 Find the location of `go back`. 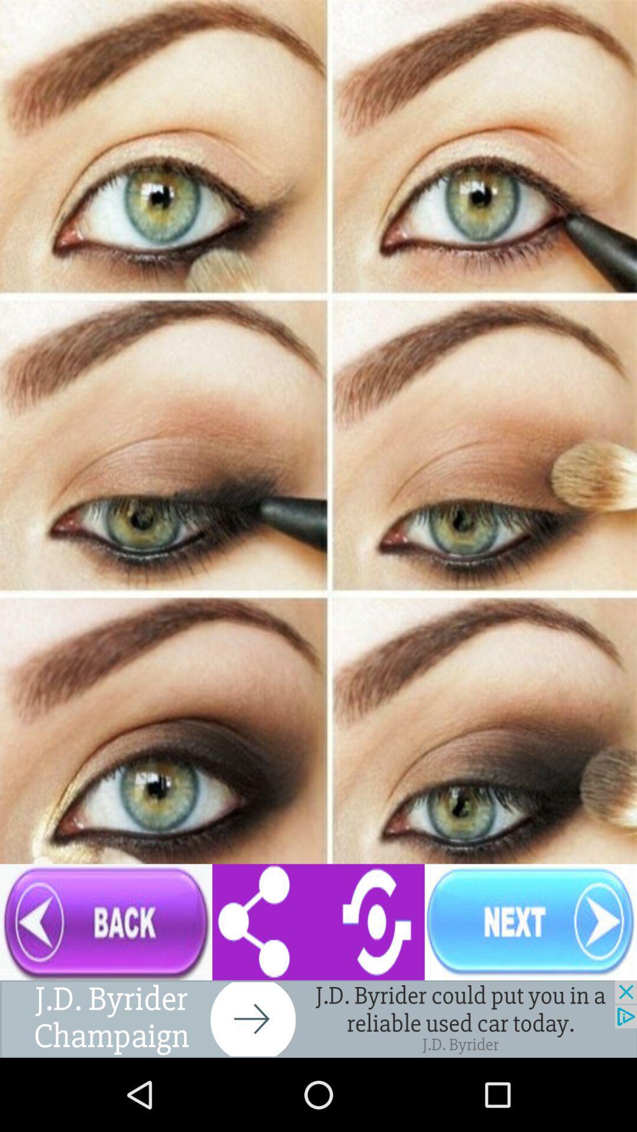

go back is located at coordinates (106, 922).